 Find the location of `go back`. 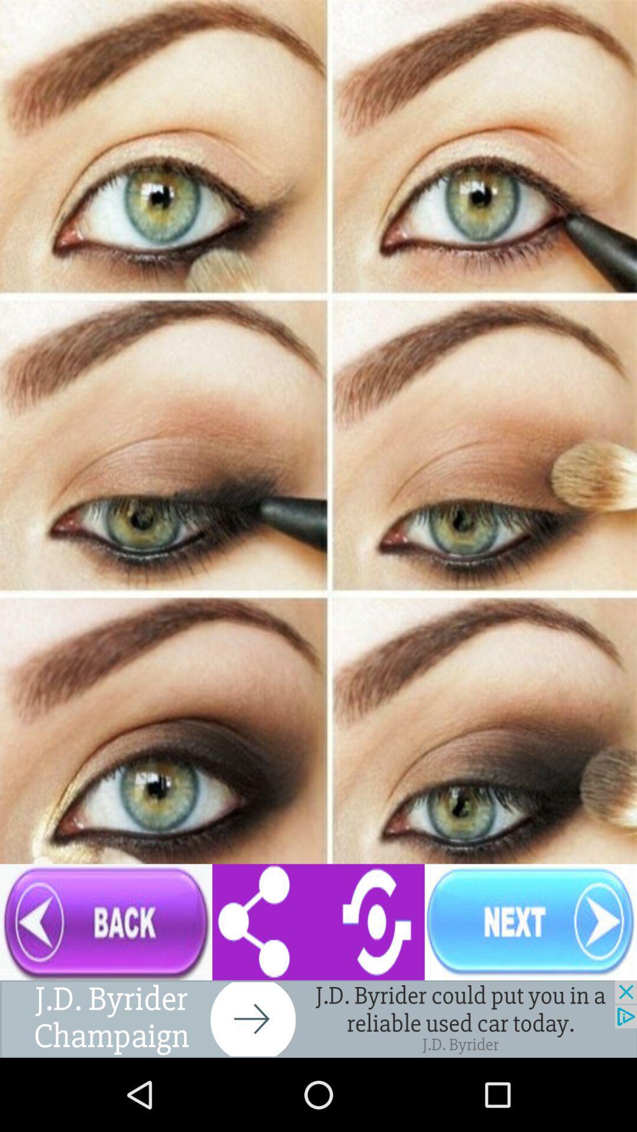

go back is located at coordinates (106, 922).